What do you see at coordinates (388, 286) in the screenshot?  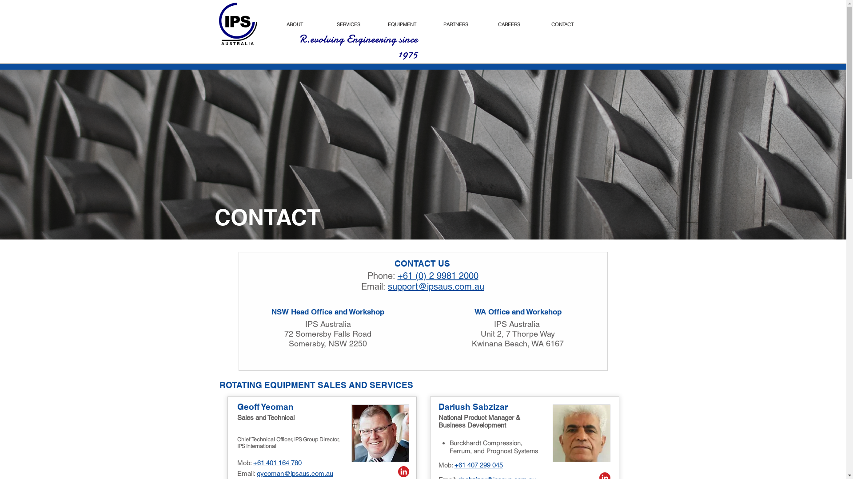 I see `'support@ipsaus.com.au'` at bounding box center [388, 286].